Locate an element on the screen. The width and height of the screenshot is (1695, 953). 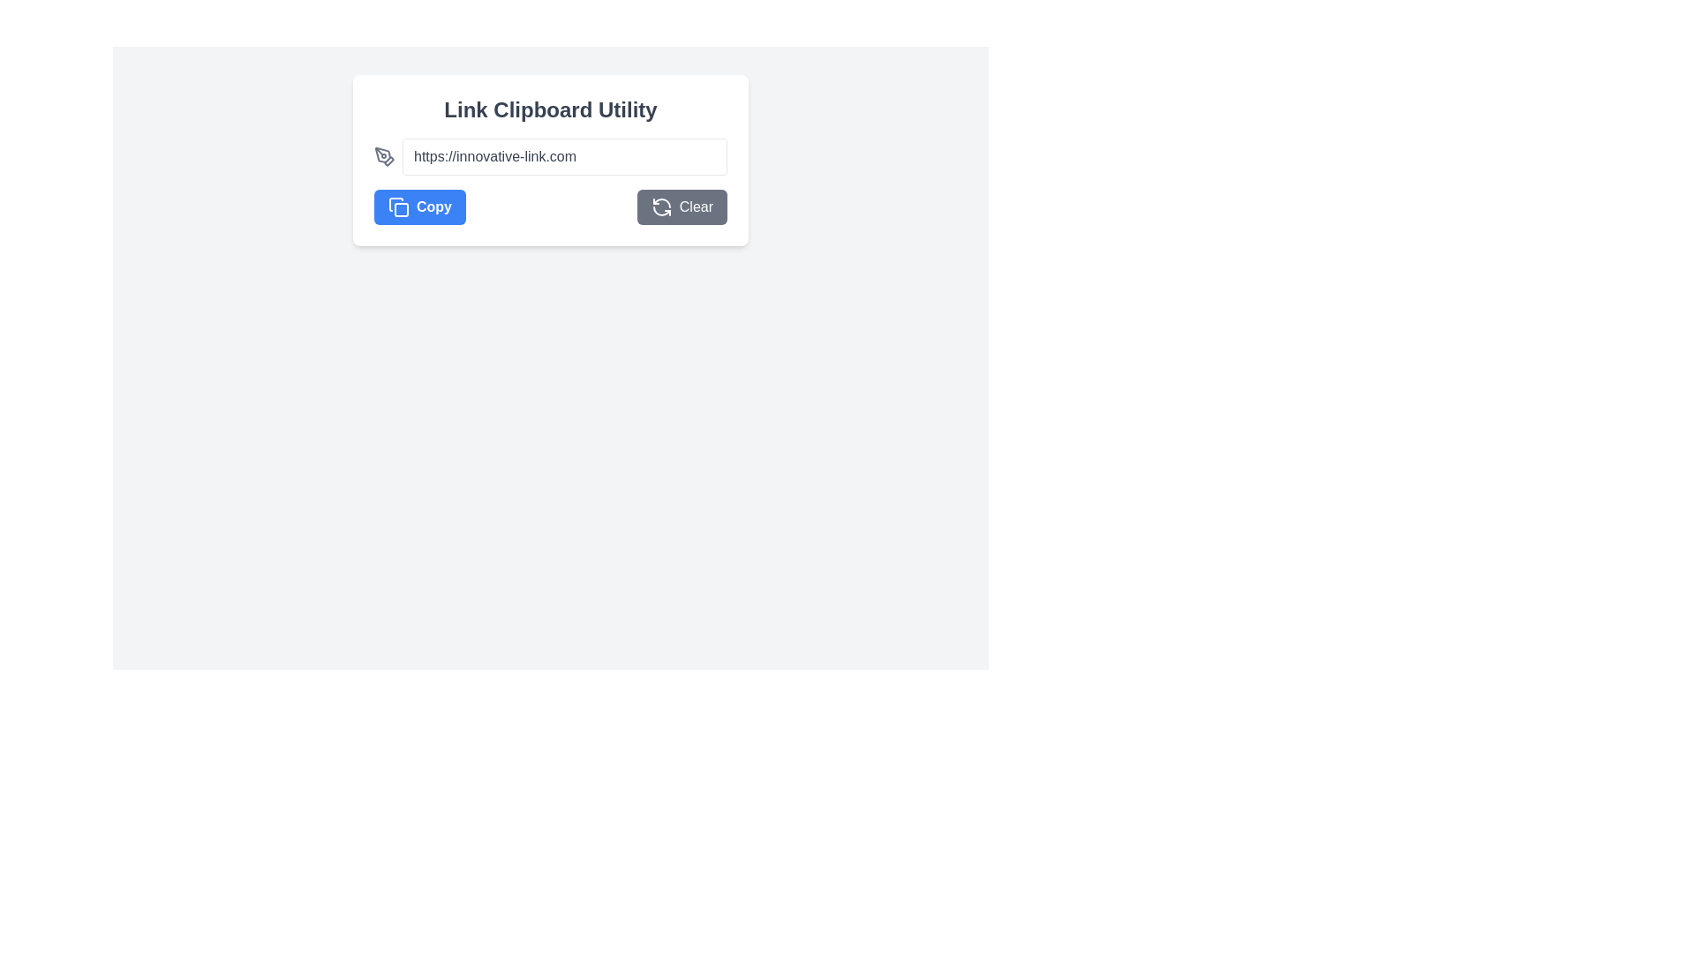
the refresh icon, which is styled with two curved arrows forming a circular pattern, located to the left of the 'Clear' button within a rectangular button with rounded corners is located at coordinates (660, 206).